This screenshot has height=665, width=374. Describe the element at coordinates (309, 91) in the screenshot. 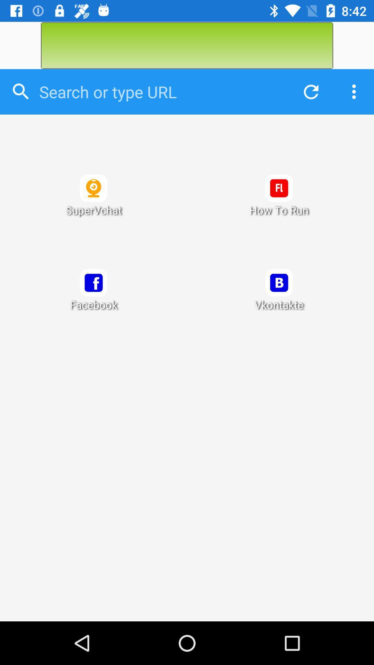

I see `reload the page` at that location.